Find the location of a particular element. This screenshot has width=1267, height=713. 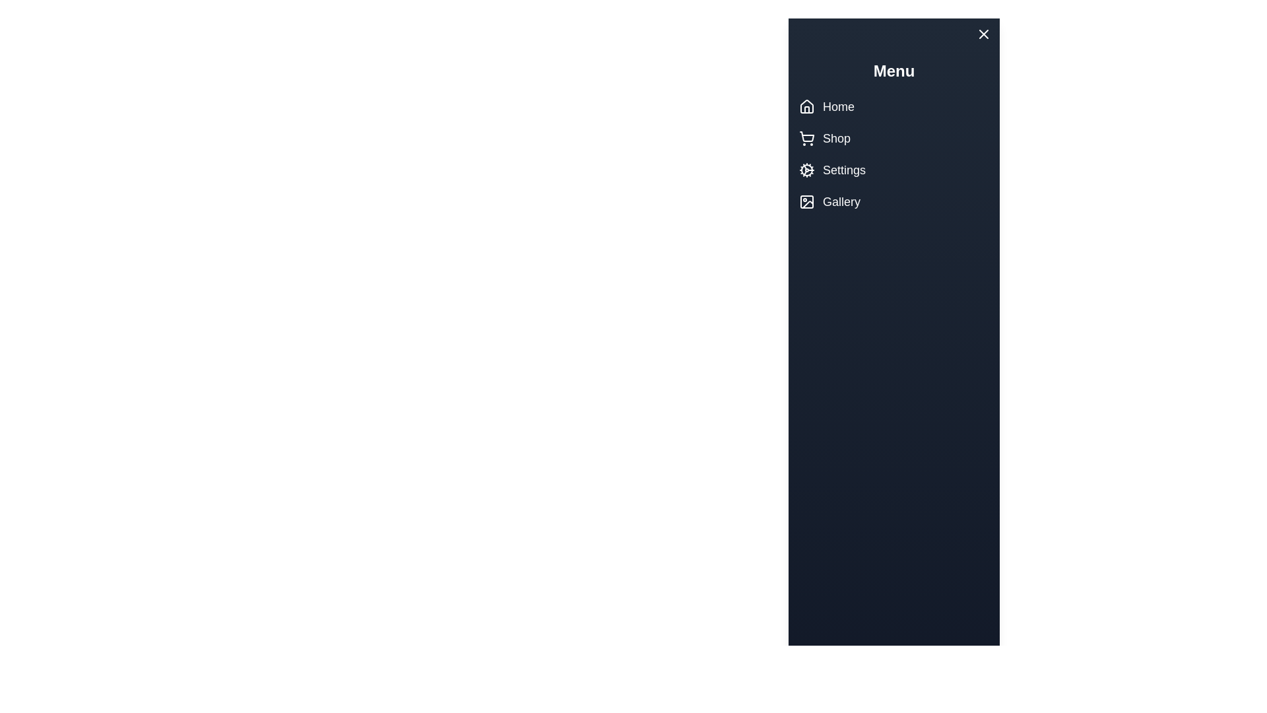

the Home menu item to navigate is located at coordinates (861, 106).